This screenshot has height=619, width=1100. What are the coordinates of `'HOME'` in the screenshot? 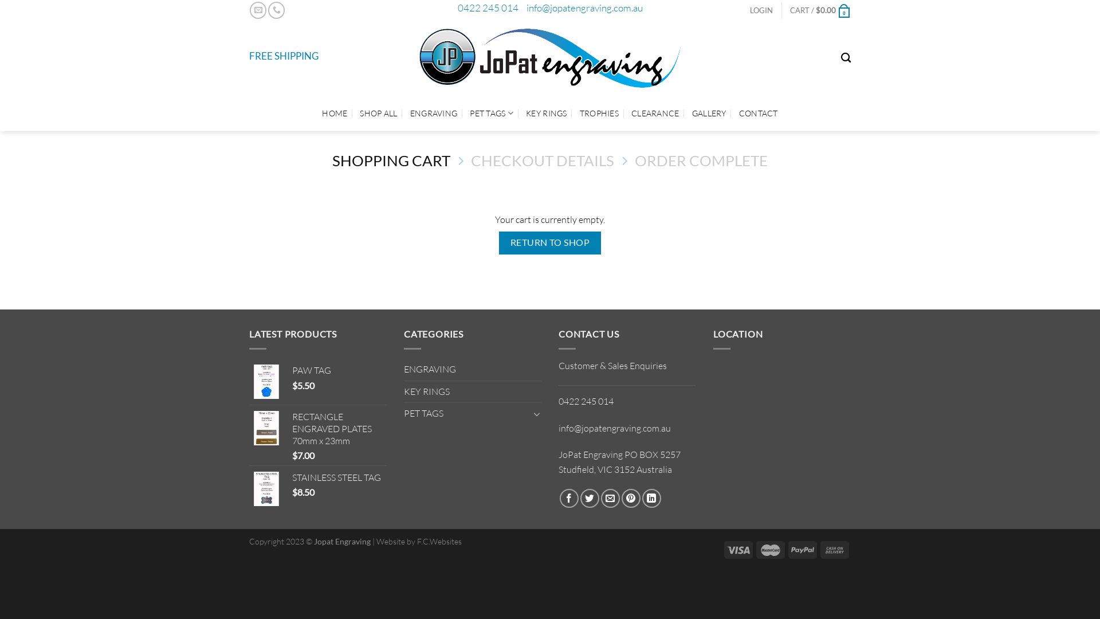 It's located at (334, 113).